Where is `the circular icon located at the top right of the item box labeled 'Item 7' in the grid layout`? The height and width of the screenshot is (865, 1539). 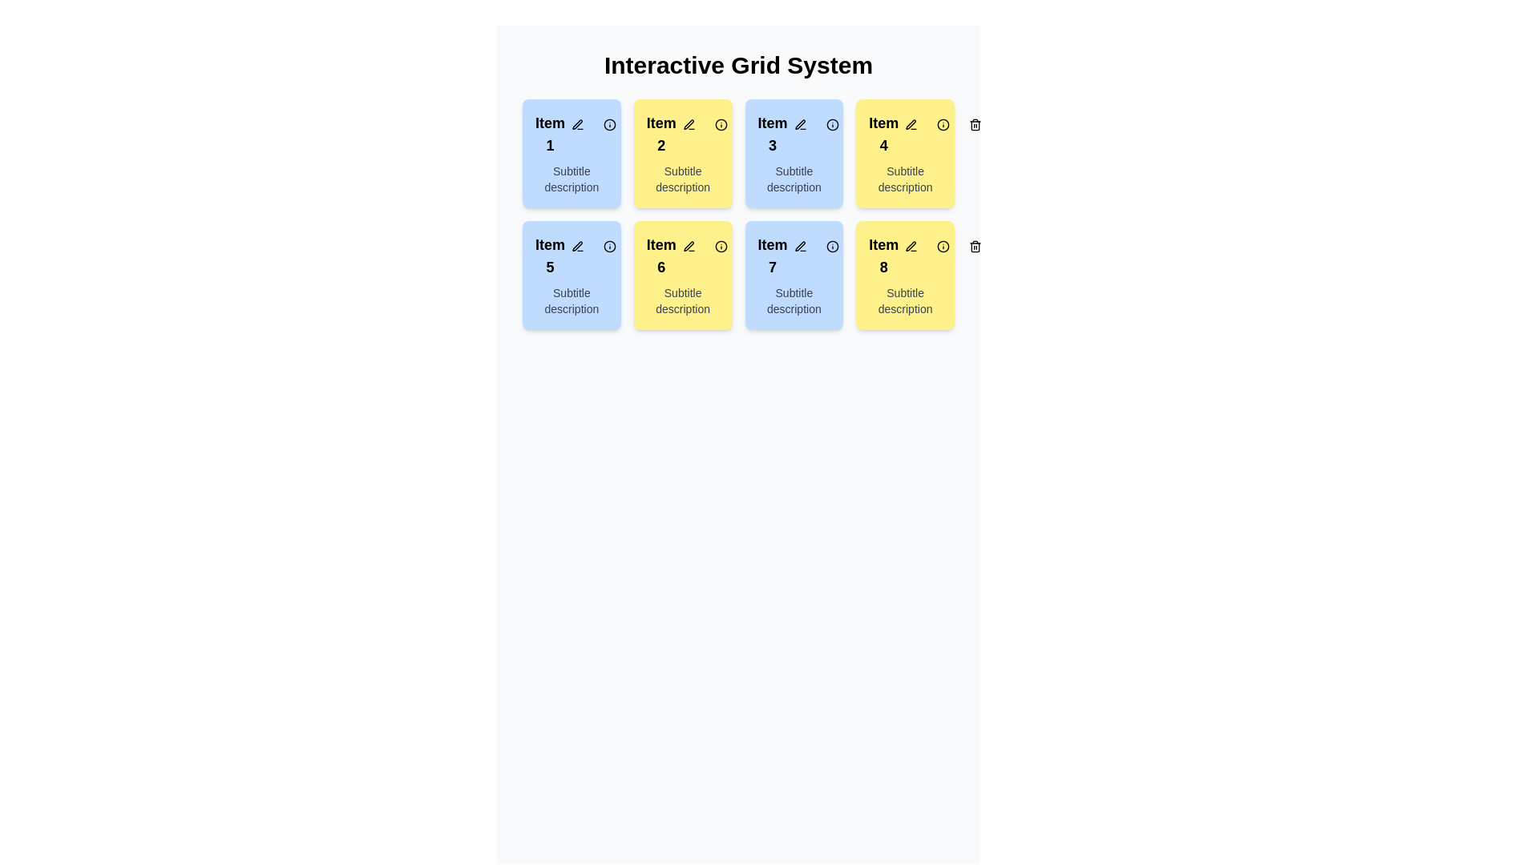
the circular icon located at the top right of the item box labeled 'Item 7' in the grid layout is located at coordinates (832, 247).